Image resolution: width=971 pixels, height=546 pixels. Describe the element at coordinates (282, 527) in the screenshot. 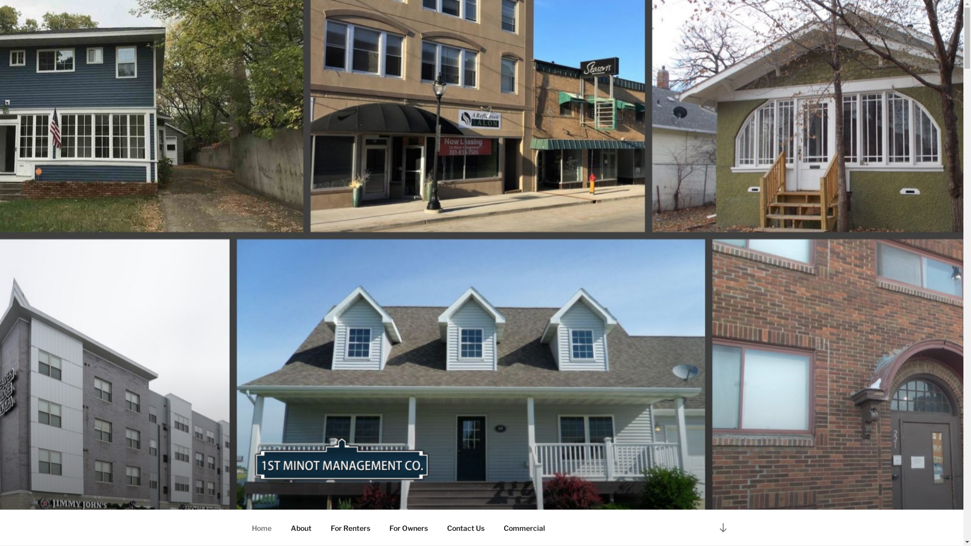

I see `'About'` at that location.